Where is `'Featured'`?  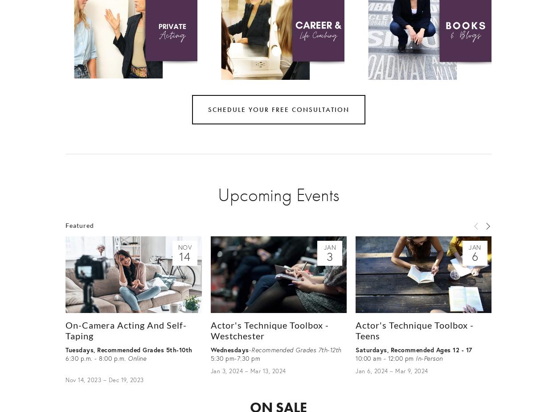 'Featured' is located at coordinates (80, 224).